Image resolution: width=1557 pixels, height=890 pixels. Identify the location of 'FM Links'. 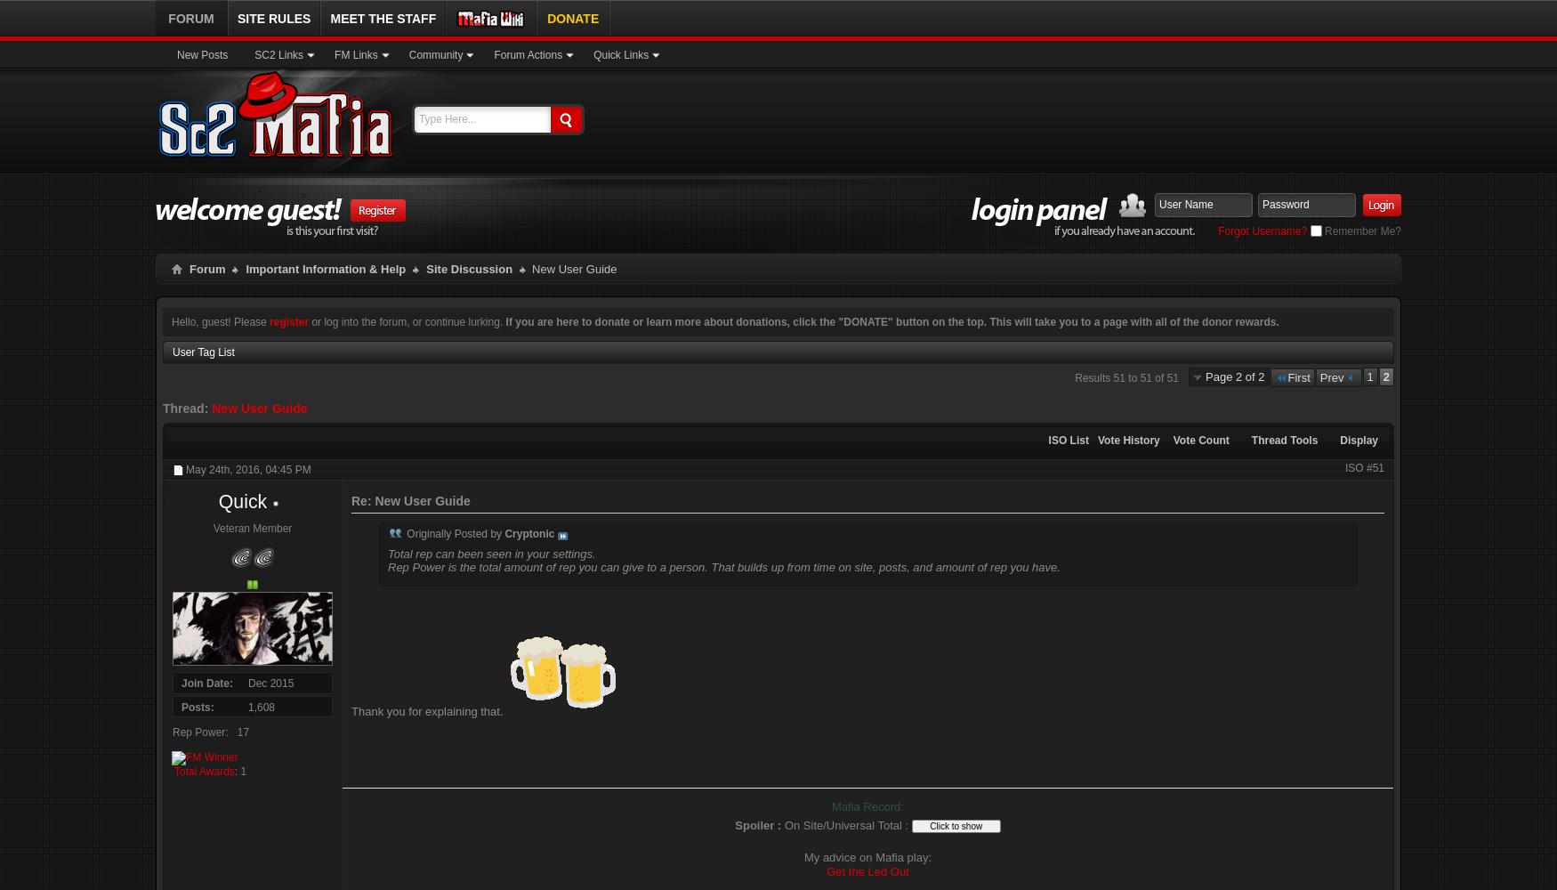
(355, 55).